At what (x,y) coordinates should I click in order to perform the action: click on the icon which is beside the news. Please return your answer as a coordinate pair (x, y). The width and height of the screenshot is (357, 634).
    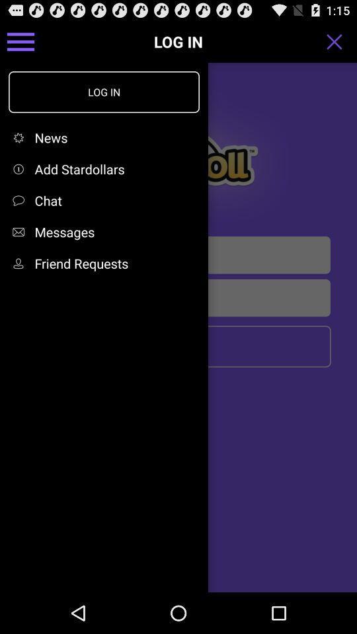
    Looking at the image, I should click on (20, 137).